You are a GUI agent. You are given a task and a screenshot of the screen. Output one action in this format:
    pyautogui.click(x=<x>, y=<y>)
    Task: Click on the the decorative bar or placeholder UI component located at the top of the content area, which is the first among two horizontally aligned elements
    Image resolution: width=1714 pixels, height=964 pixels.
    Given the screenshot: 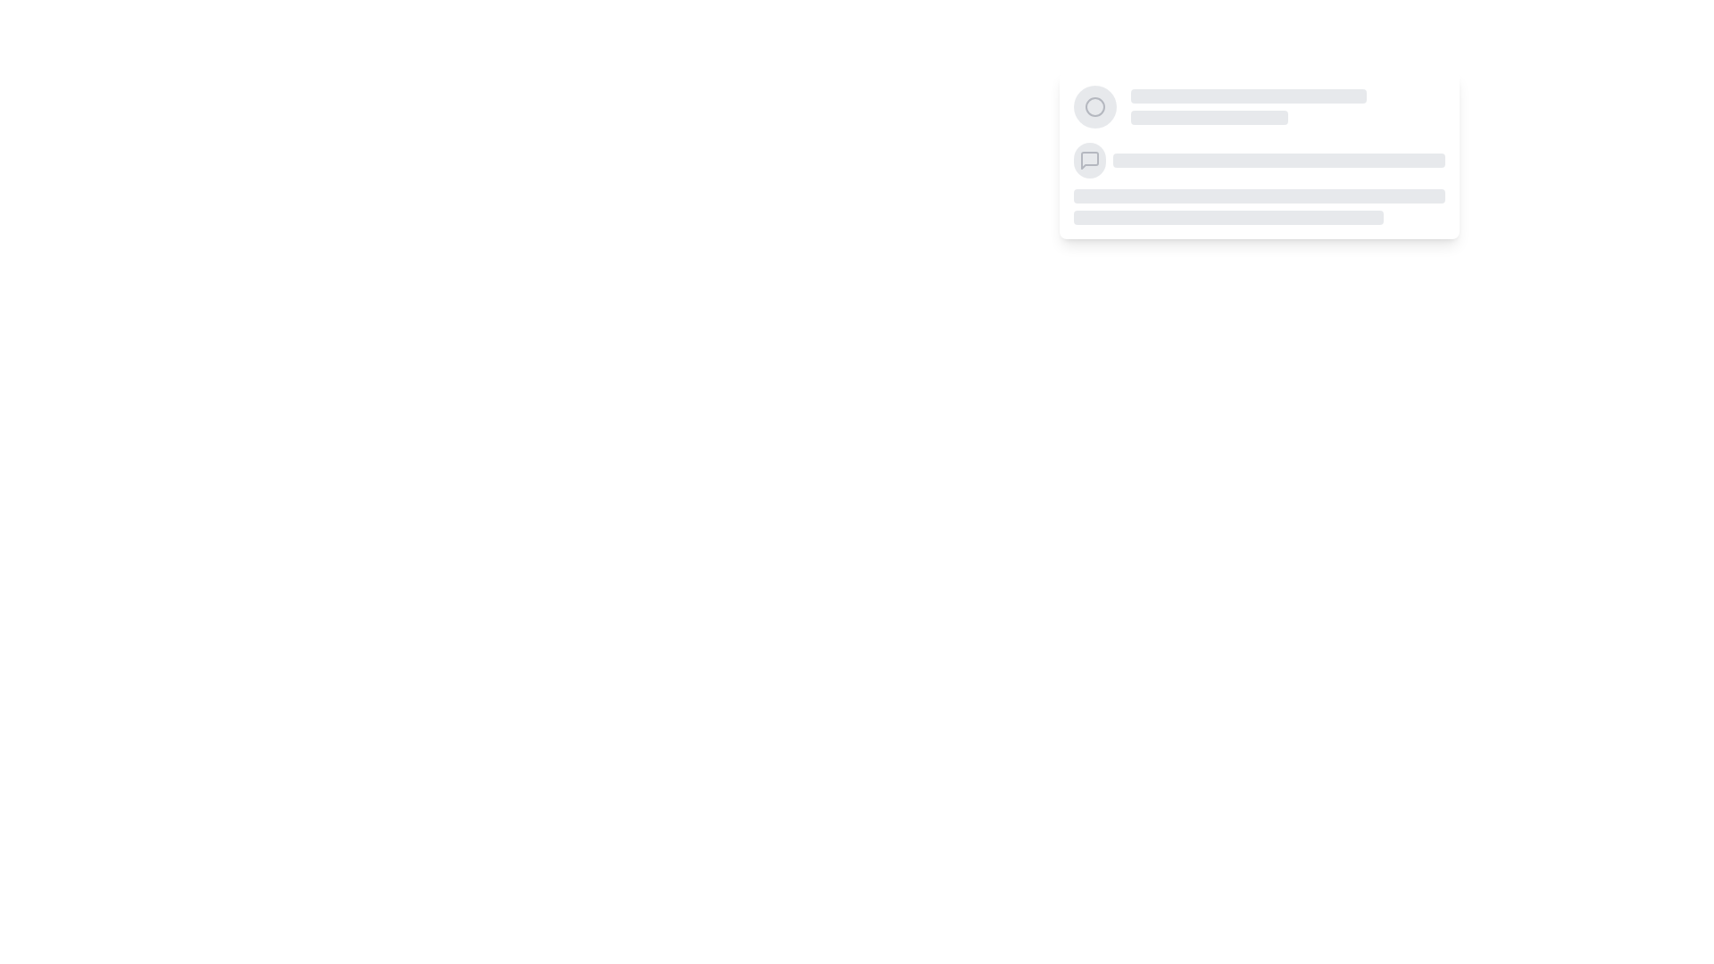 What is the action you would take?
    pyautogui.click(x=1247, y=96)
    